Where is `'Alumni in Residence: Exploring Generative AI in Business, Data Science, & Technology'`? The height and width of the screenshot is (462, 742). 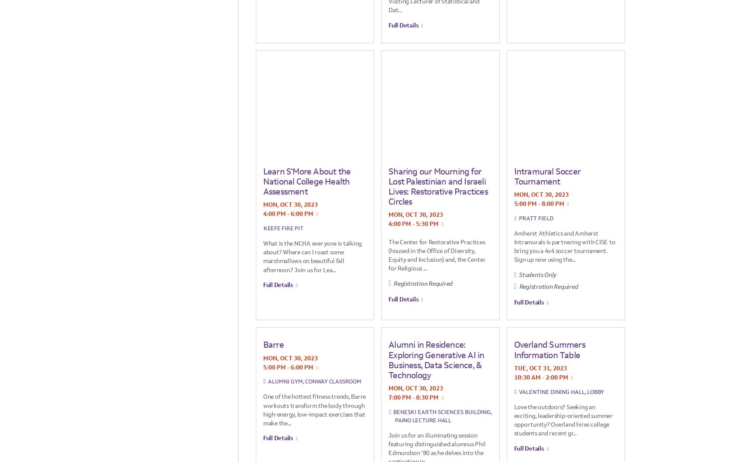 'Alumni in Residence: Exploring Generative AI in Business, Data Science, & Technology' is located at coordinates (436, 359).